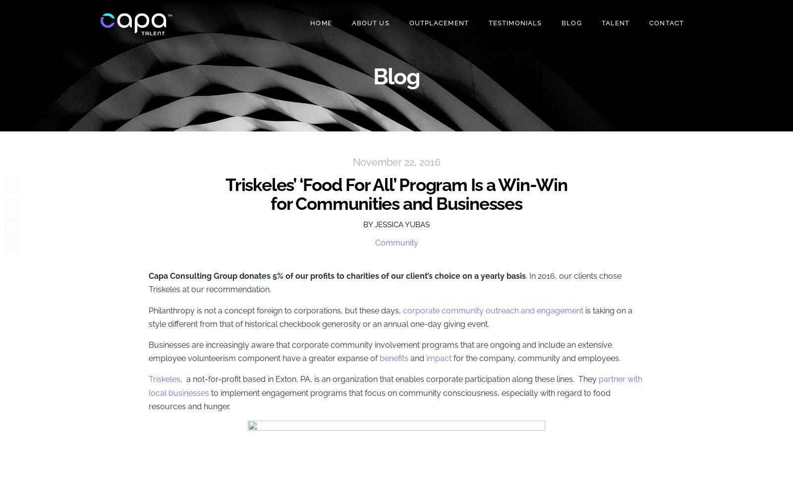 Image resolution: width=793 pixels, height=501 pixels. I want to click on 'to implement engagement programs that focus on community consciousness, especially with regard to food resources and hunger.', so click(380, 399).